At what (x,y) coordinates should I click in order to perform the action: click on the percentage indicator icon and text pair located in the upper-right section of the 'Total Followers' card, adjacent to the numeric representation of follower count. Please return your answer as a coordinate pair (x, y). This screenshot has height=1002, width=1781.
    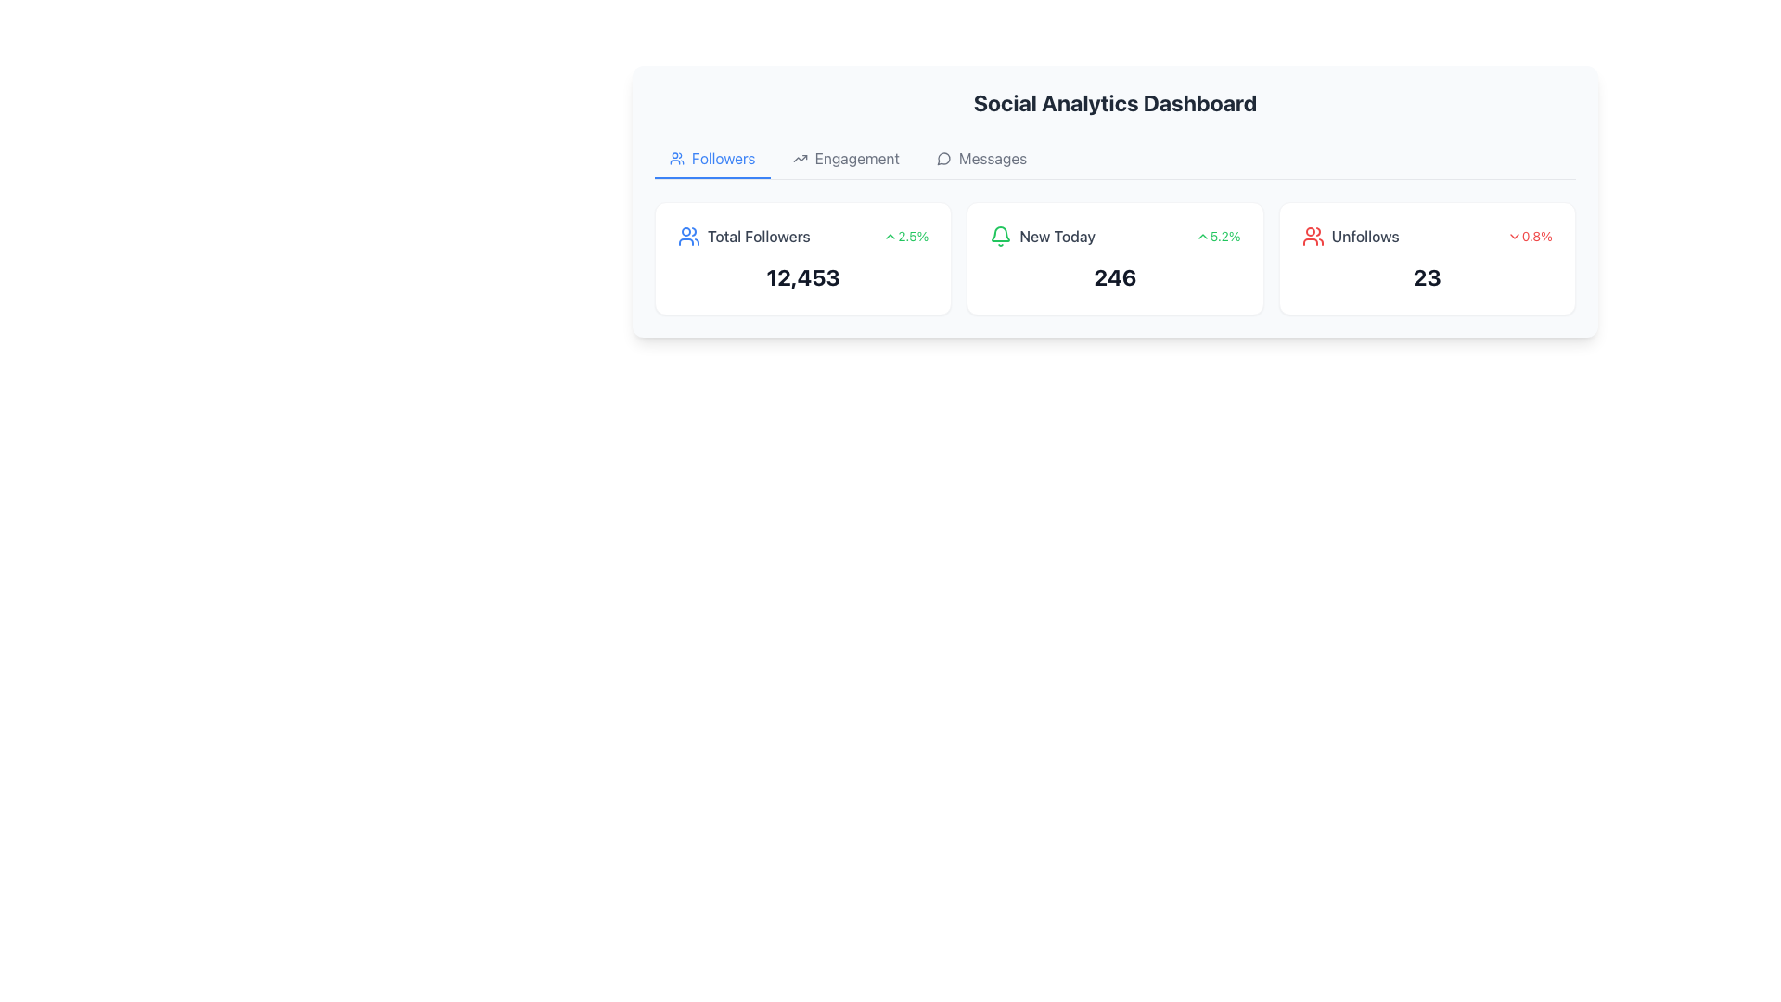
    Looking at the image, I should click on (905, 235).